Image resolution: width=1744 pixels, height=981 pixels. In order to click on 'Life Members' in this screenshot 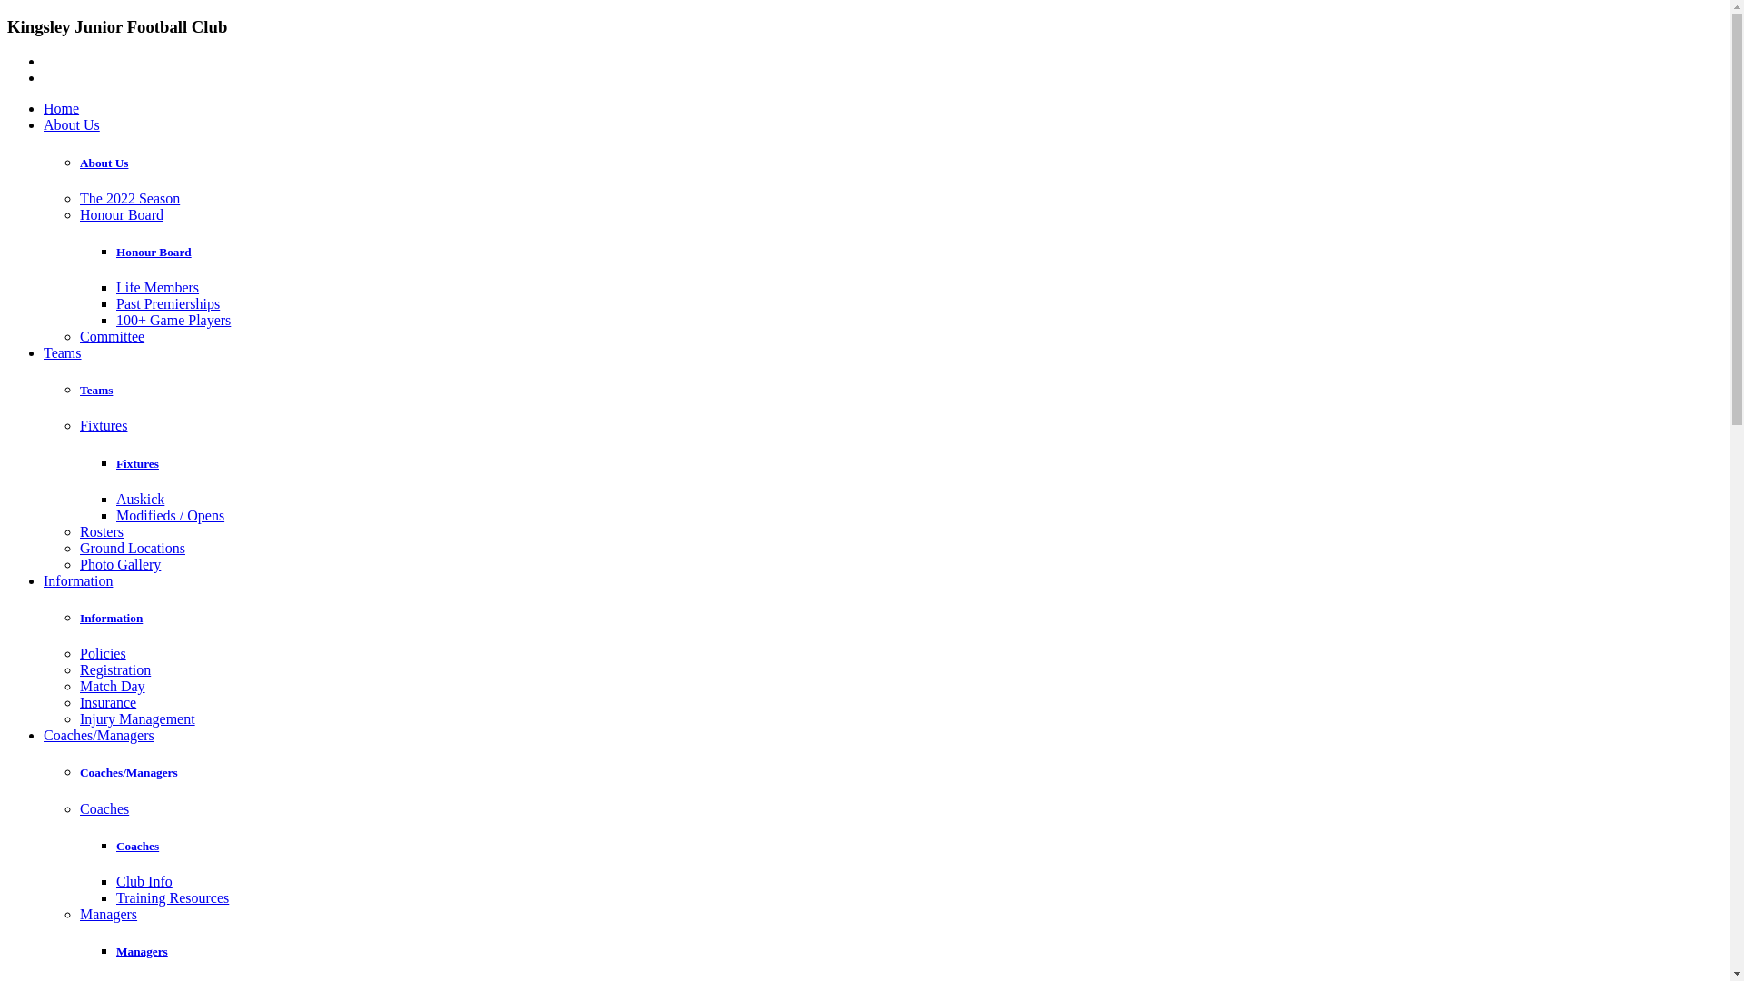, I will do `click(157, 286)`.